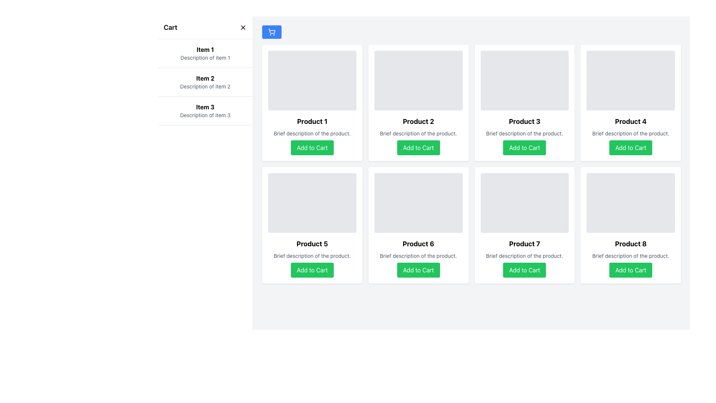  Describe the element at coordinates (243, 27) in the screenshot. I see `the close button icon, which is a small 'X' styled with thin black strokes, located to the right of the 'Cart' label in the header of the cart section` at that location.